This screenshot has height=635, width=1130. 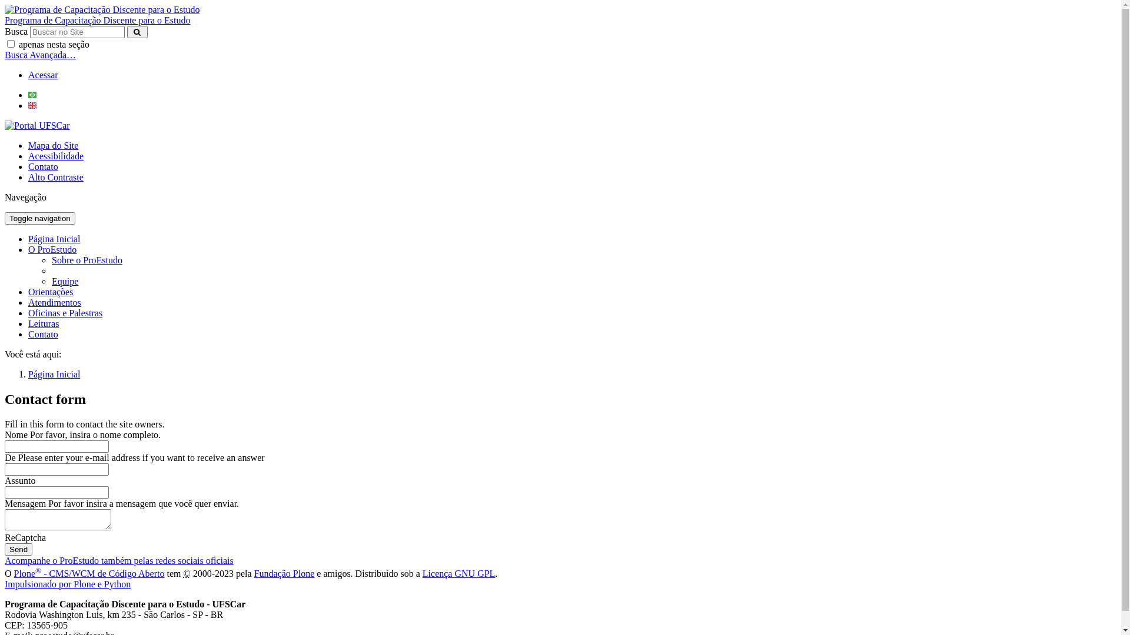 What do you see at coordinates (54, 302) in the screenshot?
I see `'Atendimentos'` at bounding box center [54, 302].